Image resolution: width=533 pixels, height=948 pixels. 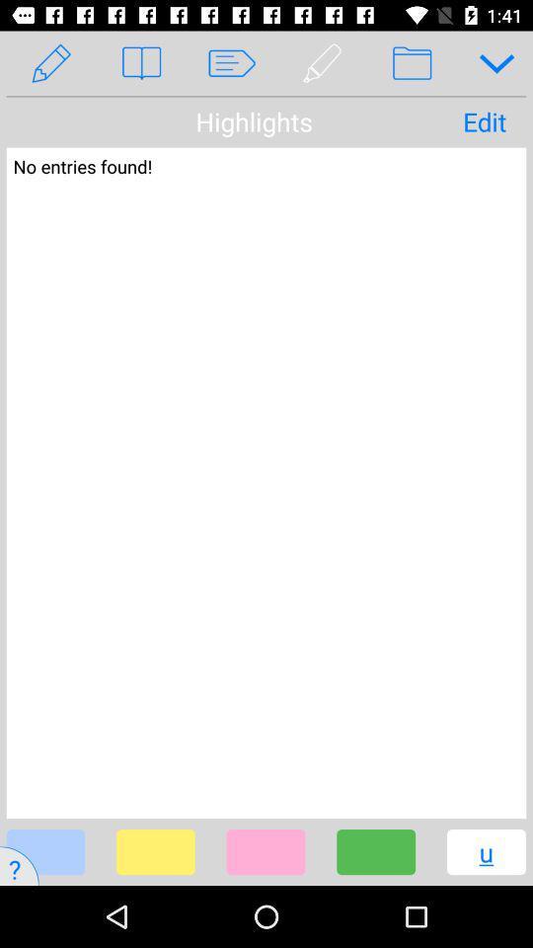 What do you see at coordinates (140, 63) in the screenshot?
I see `the second icon which is on the top of the page` at bounding box center [140, 63].